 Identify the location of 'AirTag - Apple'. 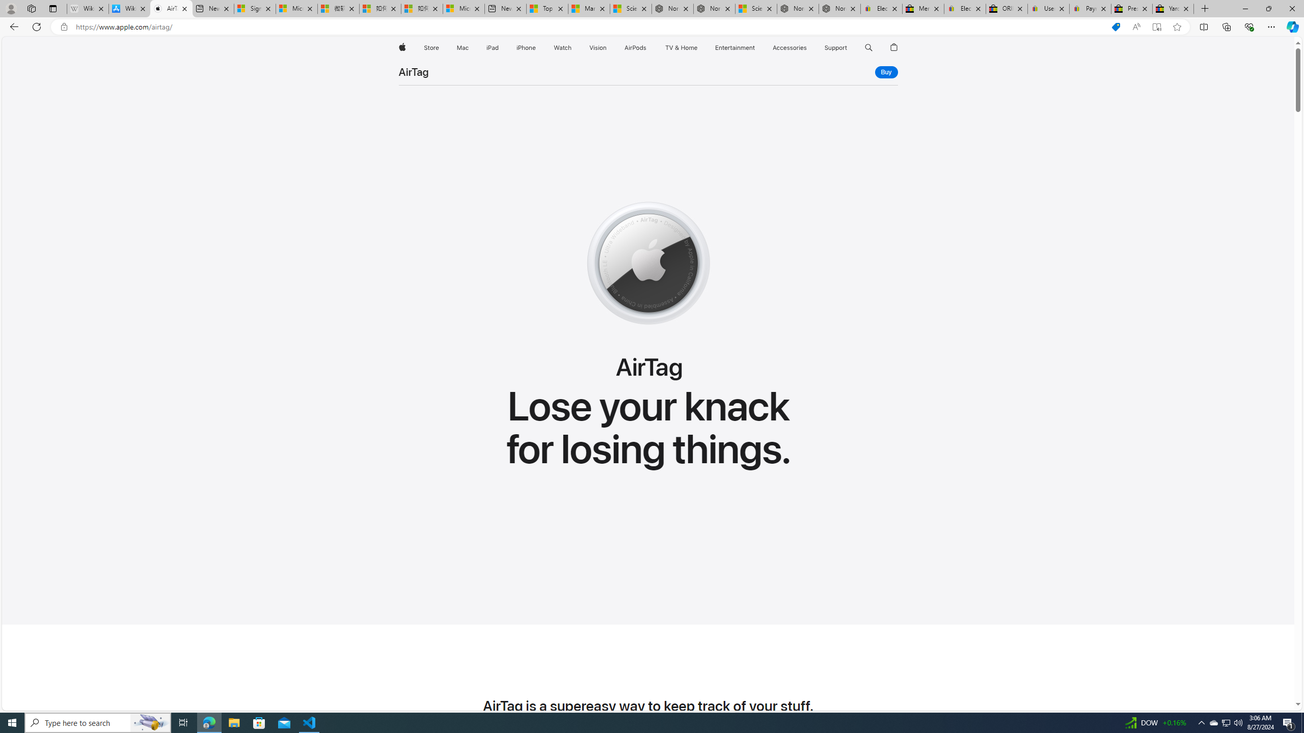
(171, 8).